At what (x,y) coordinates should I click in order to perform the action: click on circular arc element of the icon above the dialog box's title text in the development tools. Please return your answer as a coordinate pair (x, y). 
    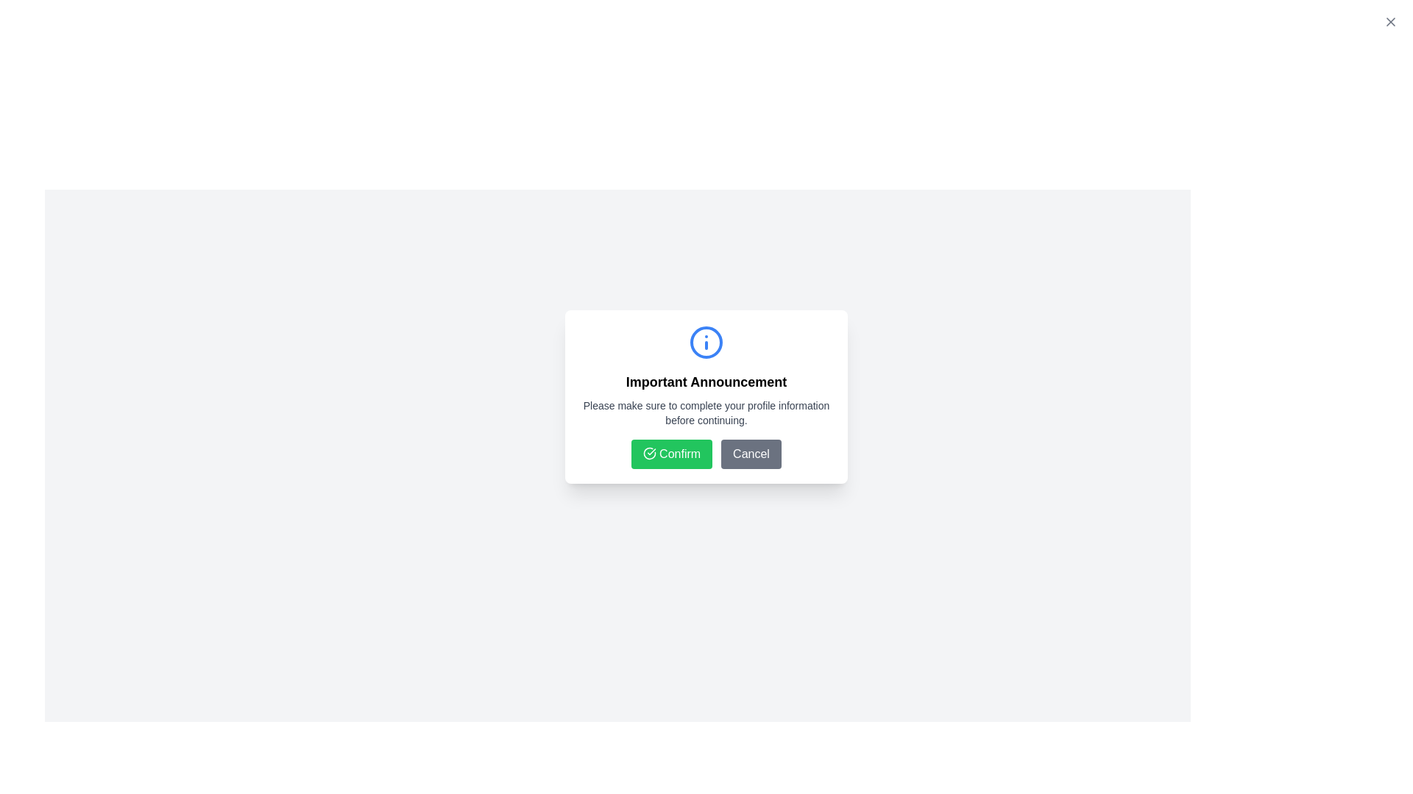
    Looking at the image, I should click on (649, 453).